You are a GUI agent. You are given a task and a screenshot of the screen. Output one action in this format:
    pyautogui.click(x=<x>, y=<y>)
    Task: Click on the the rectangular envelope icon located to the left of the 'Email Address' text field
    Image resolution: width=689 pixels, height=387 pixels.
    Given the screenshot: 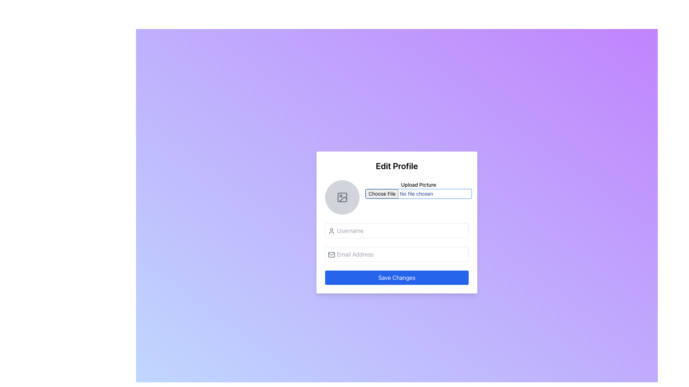 What is the action you would take?
    pyautogui.click(x=331, y=254)
    